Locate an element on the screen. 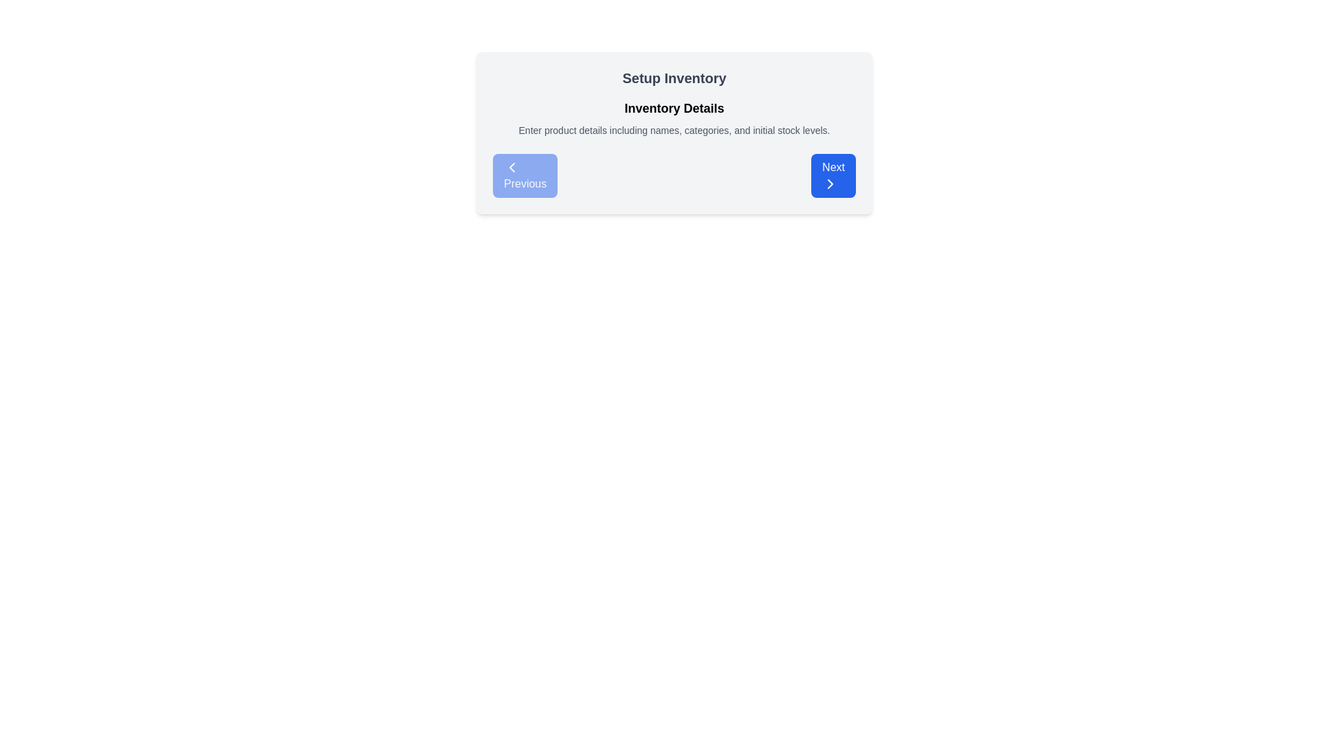 Image resolution: width=1320 pixels, height=742 pixels. the 'Previous' button with a blue background and white text is located at coordinates (525, 175).